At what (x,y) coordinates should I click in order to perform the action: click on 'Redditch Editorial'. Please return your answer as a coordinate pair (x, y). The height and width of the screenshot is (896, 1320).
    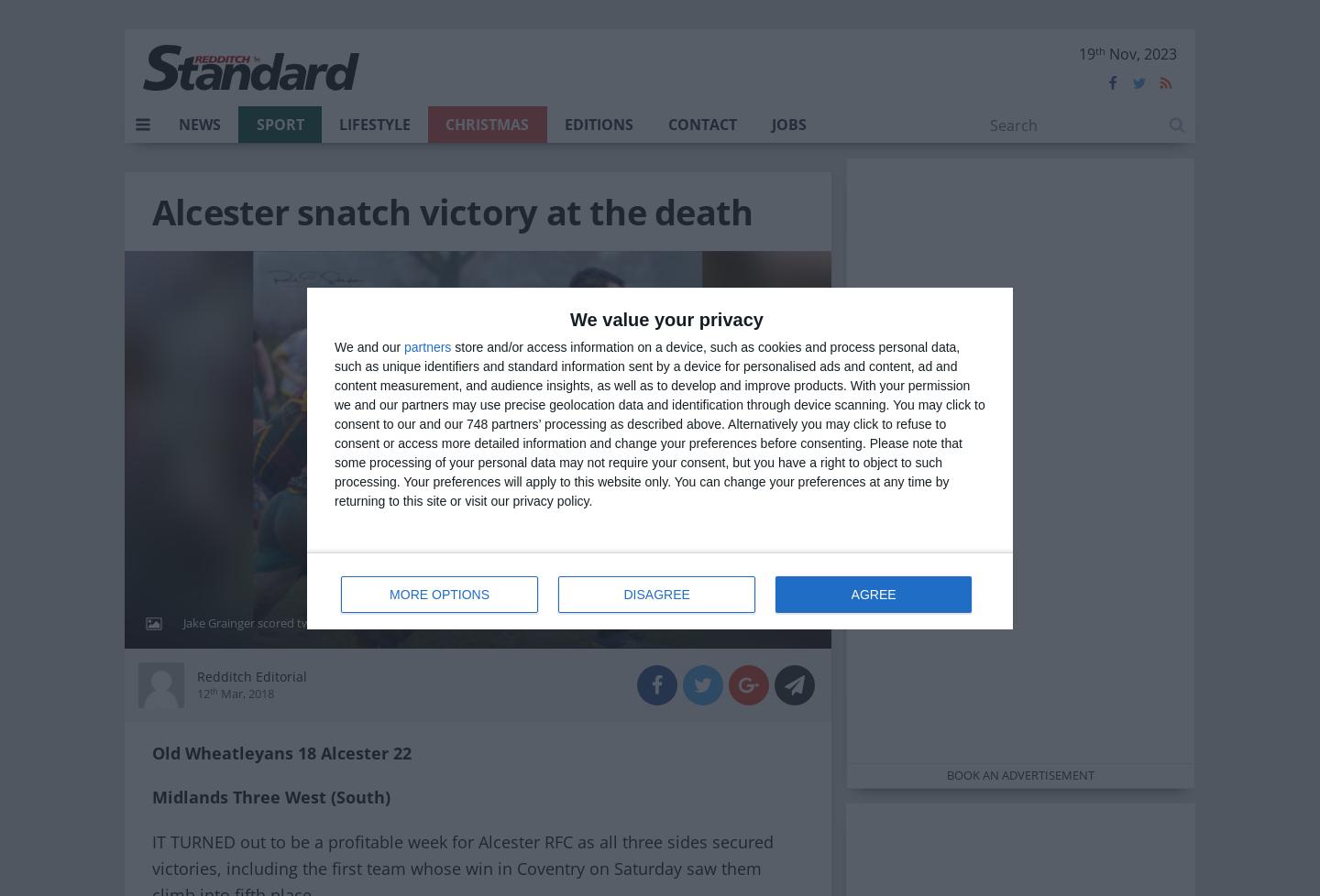
    Looking at the image, I should click on (250, 674).